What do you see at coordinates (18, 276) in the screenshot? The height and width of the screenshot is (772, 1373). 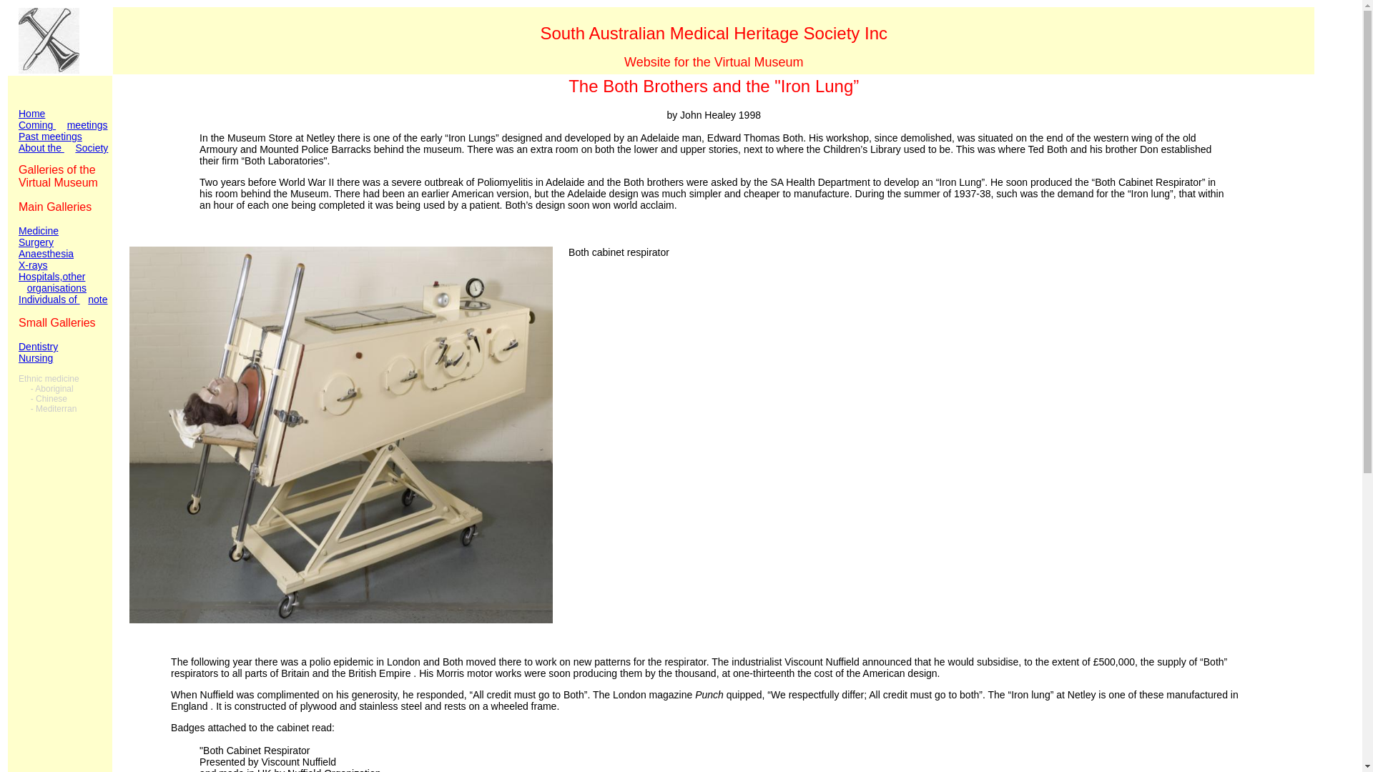 I see `'Hospitals,other'` at bounding box center [18, 276].